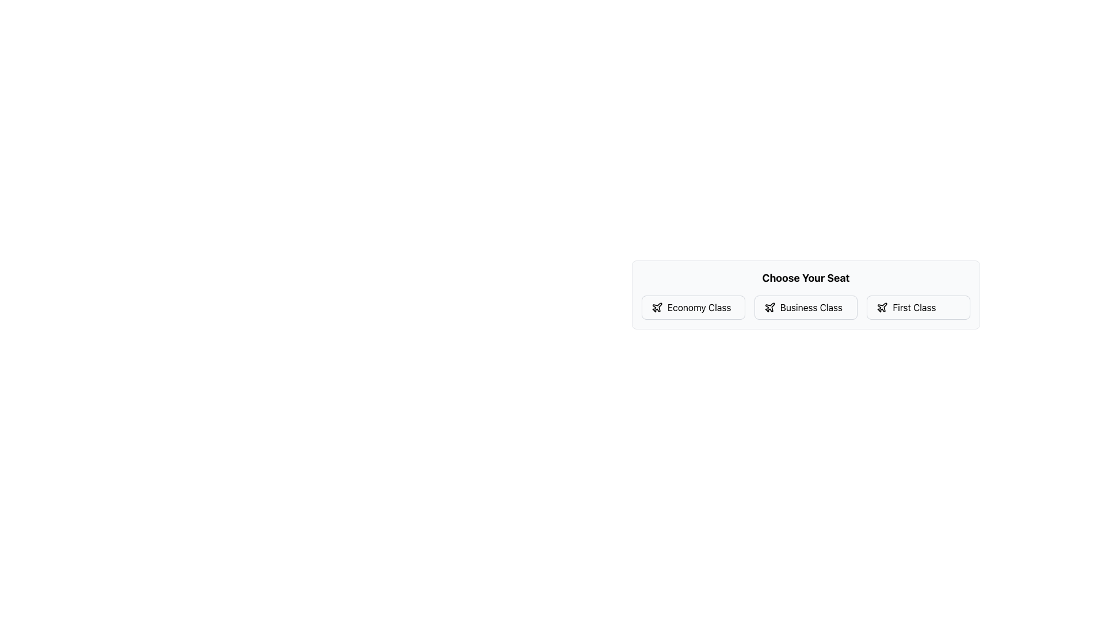 This screenshot has height=621, width=1105. What do you see at coordinates (657, 306) in the screenshot?
I see `the airplane icon located in the center of the first button labeled 'Economy Class' under the header 'Choose Your Seat'` at bounding box center [657, 306].